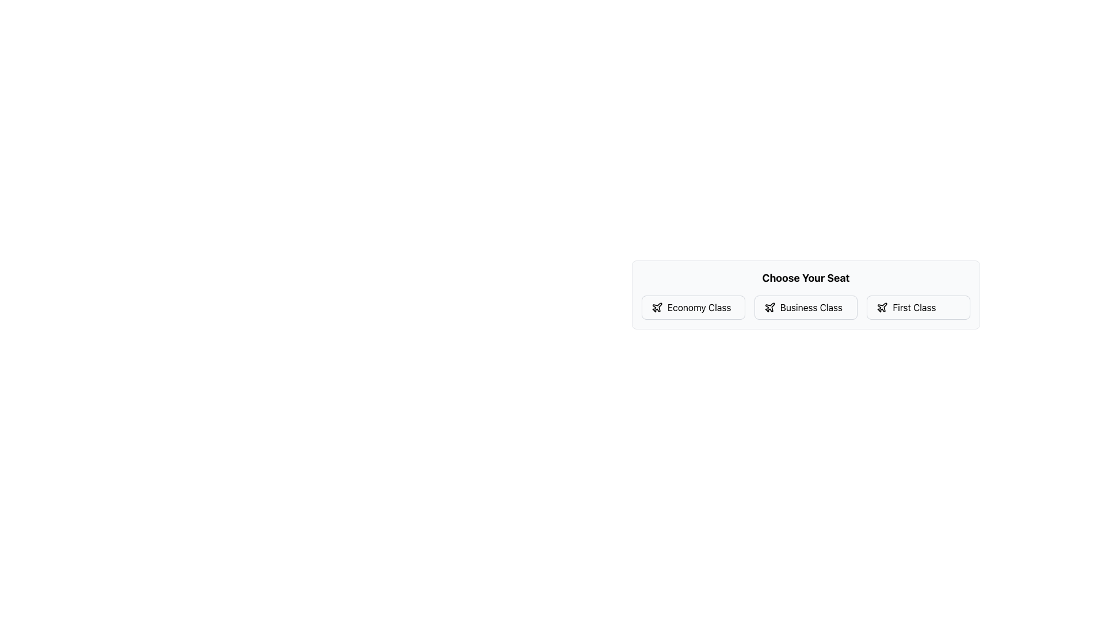 This screenshot has height=621, width=1105. What do you see at coordinates (657, 306) in the screenshot?
I see `the airplane icon located in the center of the first button labeled 'Economy Class' under the header 'Choose Your Seat'` at bounding box center [657, 306].